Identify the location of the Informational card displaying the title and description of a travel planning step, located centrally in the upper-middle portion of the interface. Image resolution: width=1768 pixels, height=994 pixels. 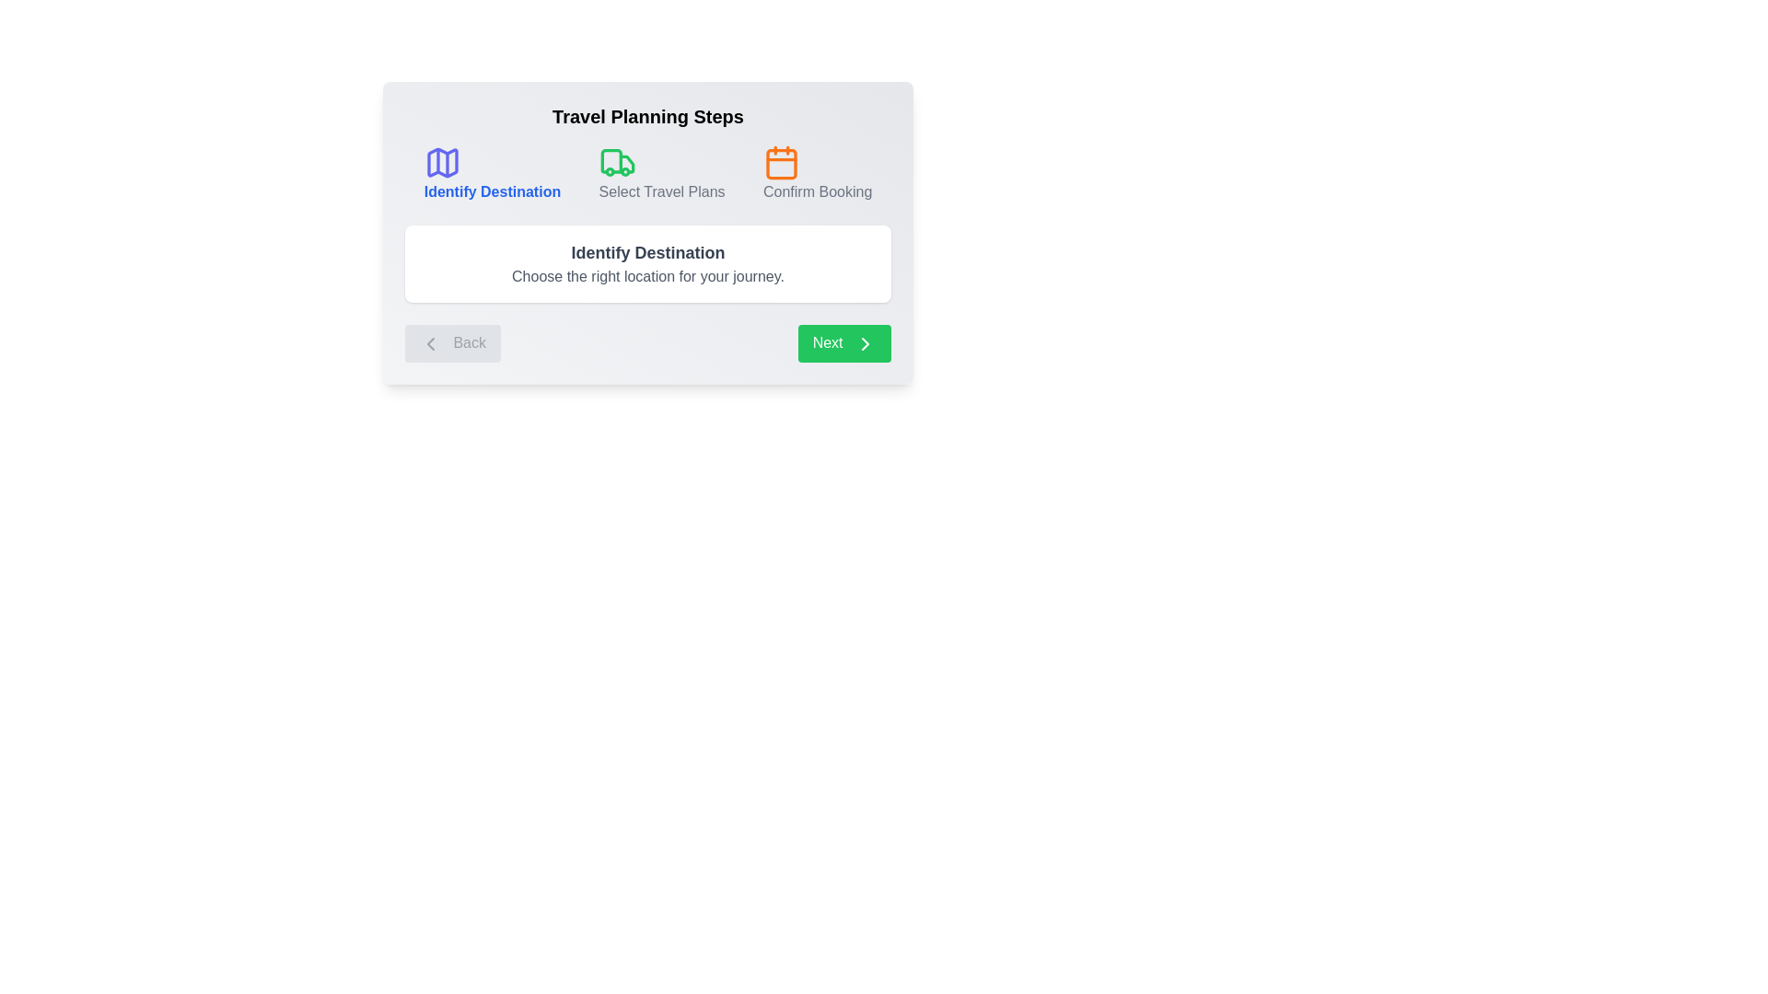
(648, 232).